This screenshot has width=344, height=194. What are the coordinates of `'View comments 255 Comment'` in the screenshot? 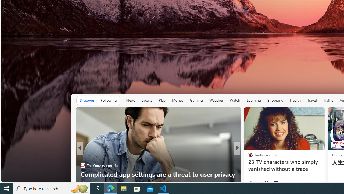 It's located at (272, 183).